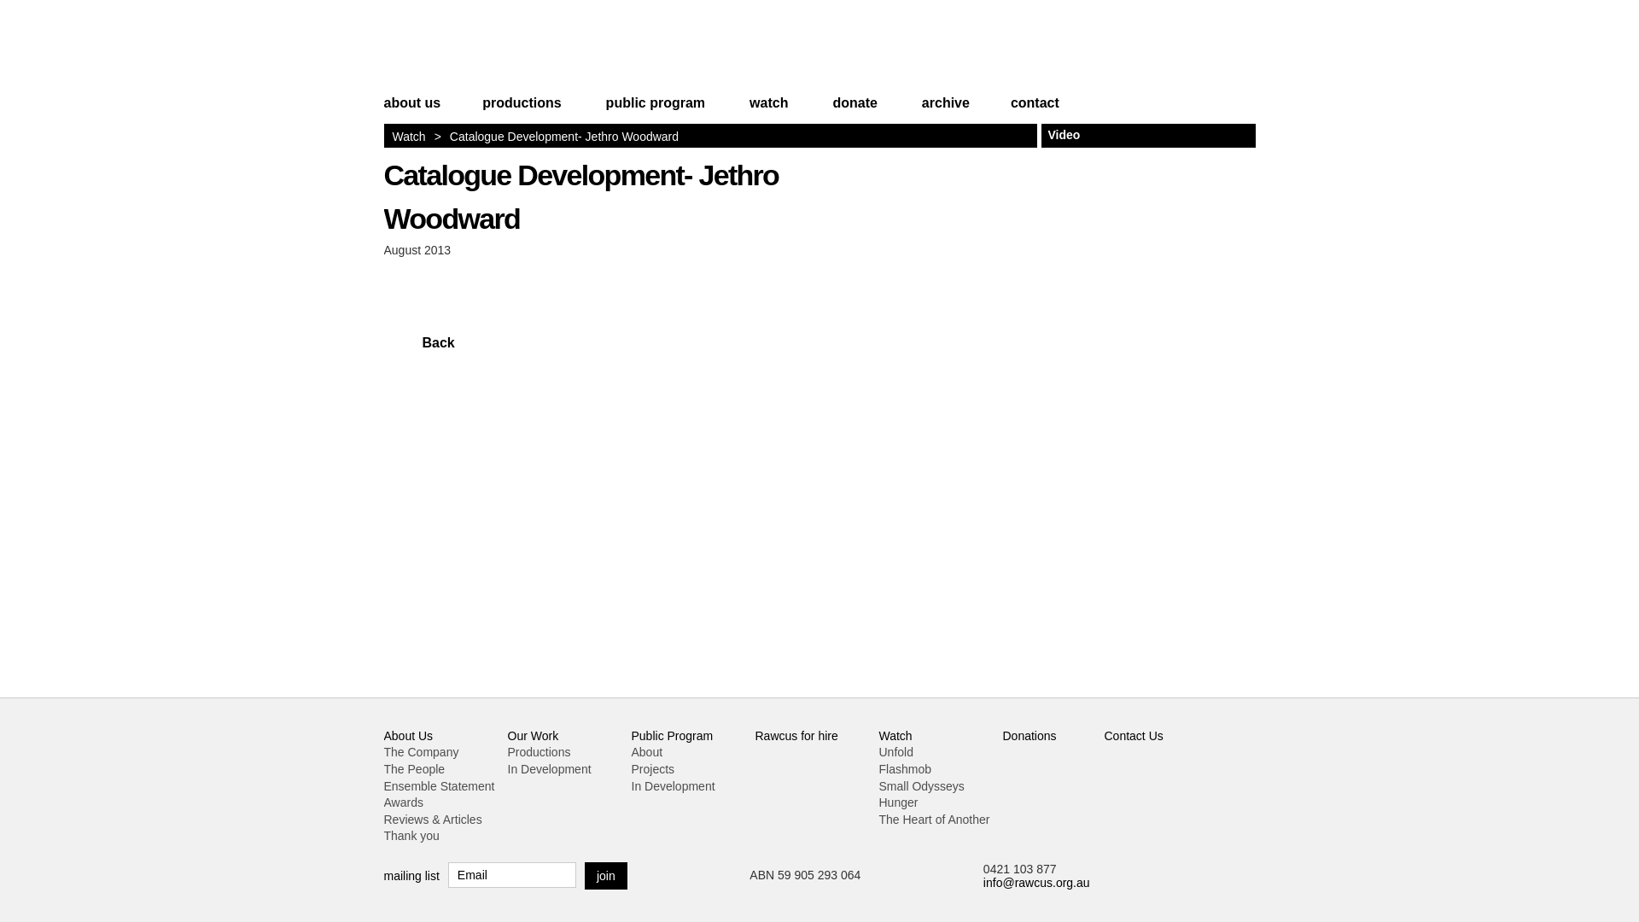 This screenshot has height=922, width=1639. What do you see at coordinates (1040, 271) in the screenshot?
I see `'Jethro Woodward - cool bloke, handsome, sonically gifted'` at bounding box center [1040, 271].